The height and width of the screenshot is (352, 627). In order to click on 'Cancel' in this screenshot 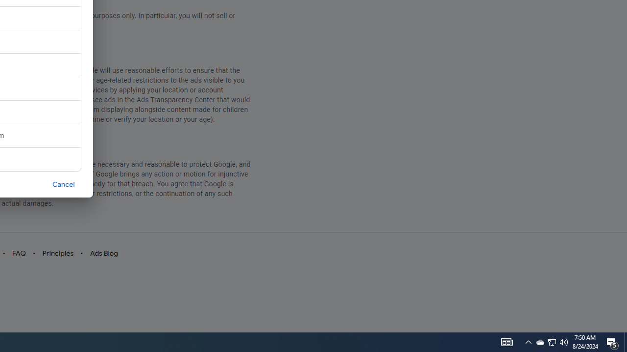, I will do `click(63, 184)`.